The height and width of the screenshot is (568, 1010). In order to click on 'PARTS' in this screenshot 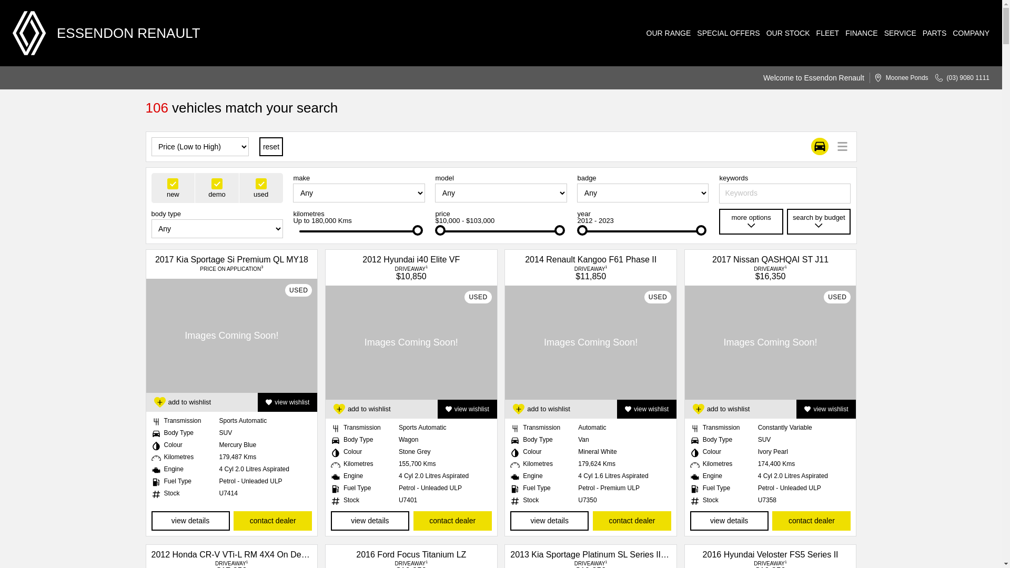, I will do `click(931, 32)`.